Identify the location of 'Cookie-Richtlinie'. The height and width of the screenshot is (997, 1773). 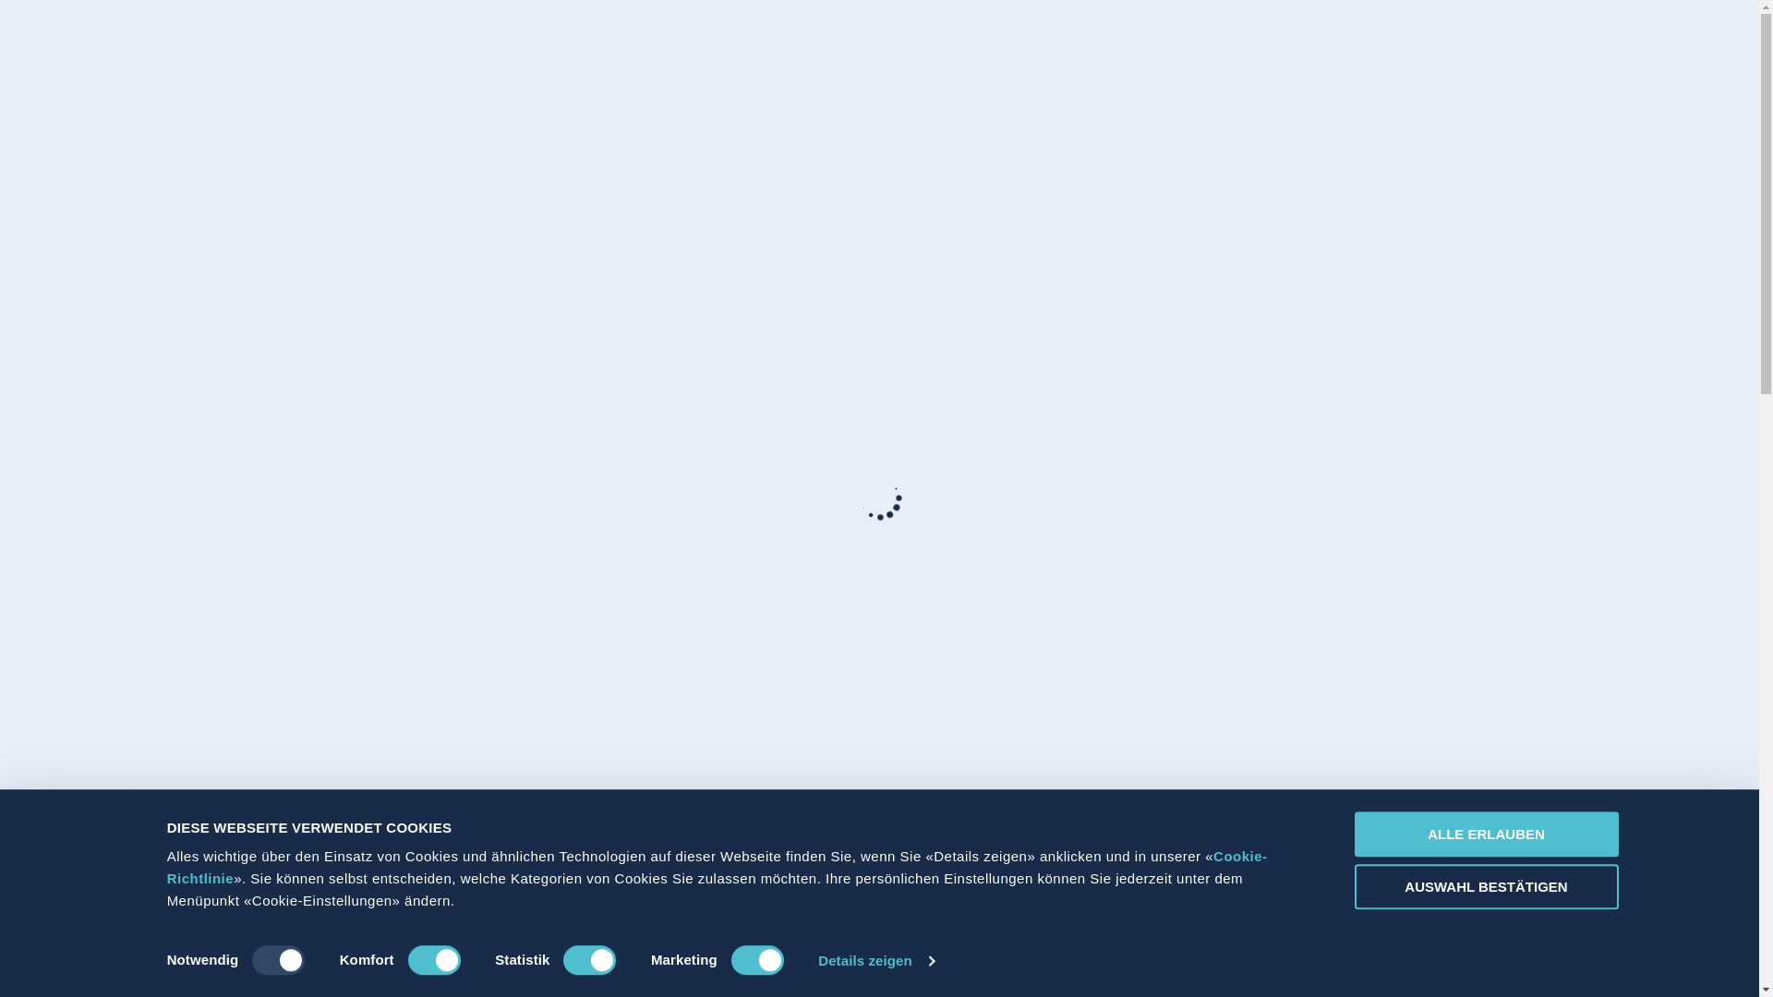
(717, 867).